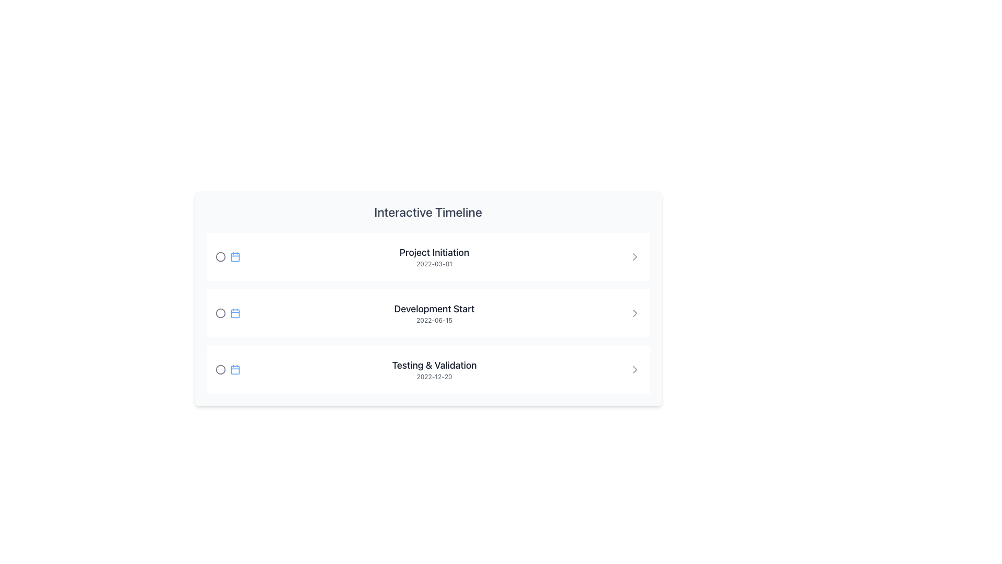 Image resolution: width=1002 pixels, height=564 pixels. I want to click on the Icon Pair consisting of a gray-bordered circle and a blue calendar located in the 'Interactive Timeline' section near 'Testing & Validation', so click(227, 369).